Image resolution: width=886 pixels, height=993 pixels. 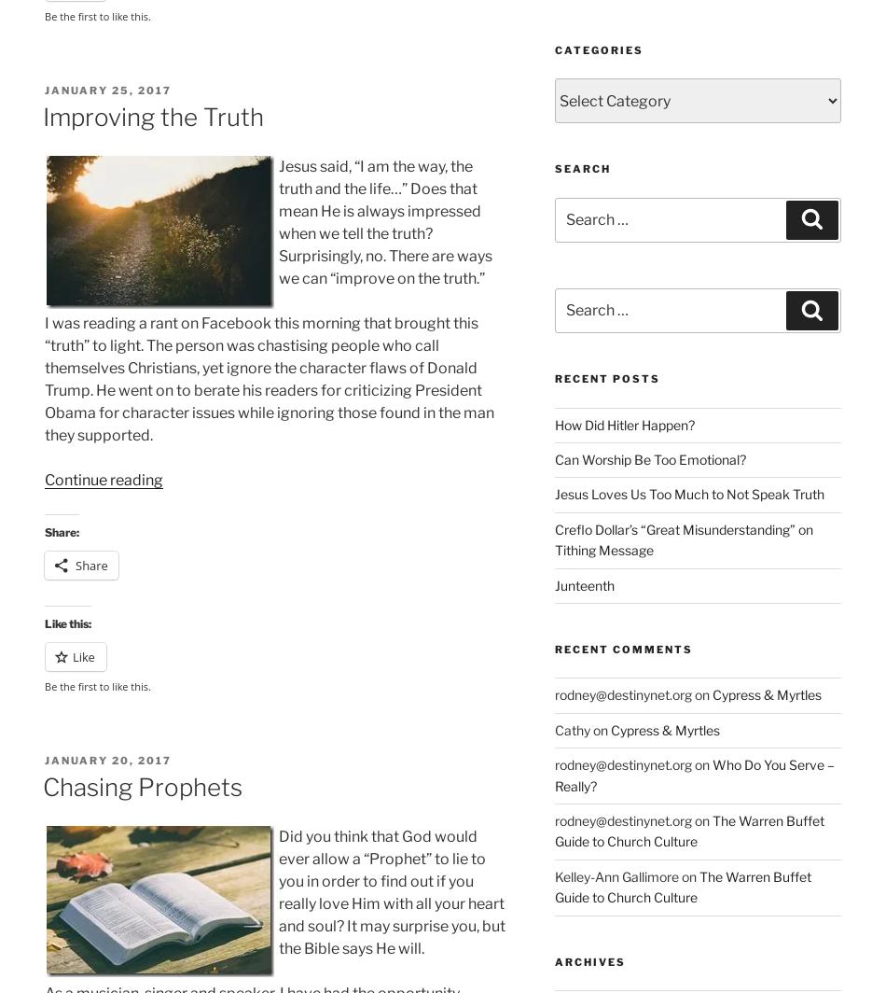 What do you see at coordinates (623, 424) in the screenshot?
I see `'How Did Hitler Happen?'` at bounding box center [623, 424].